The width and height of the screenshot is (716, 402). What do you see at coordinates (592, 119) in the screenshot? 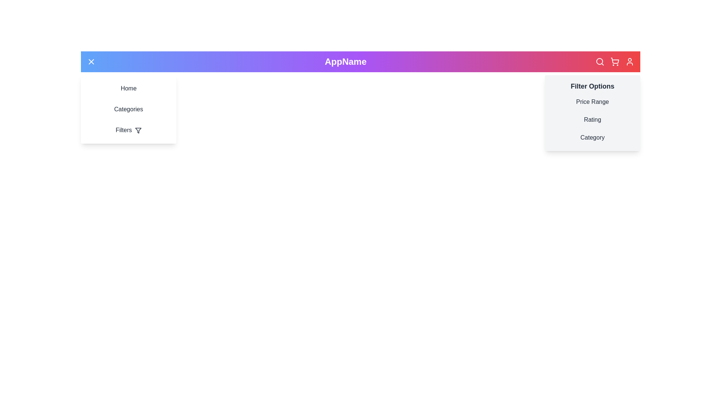
I see `the second menu item 'Rating' in the 'Filter Options' section, which is used for filtering content by rating` at bounding box center [592, 119].